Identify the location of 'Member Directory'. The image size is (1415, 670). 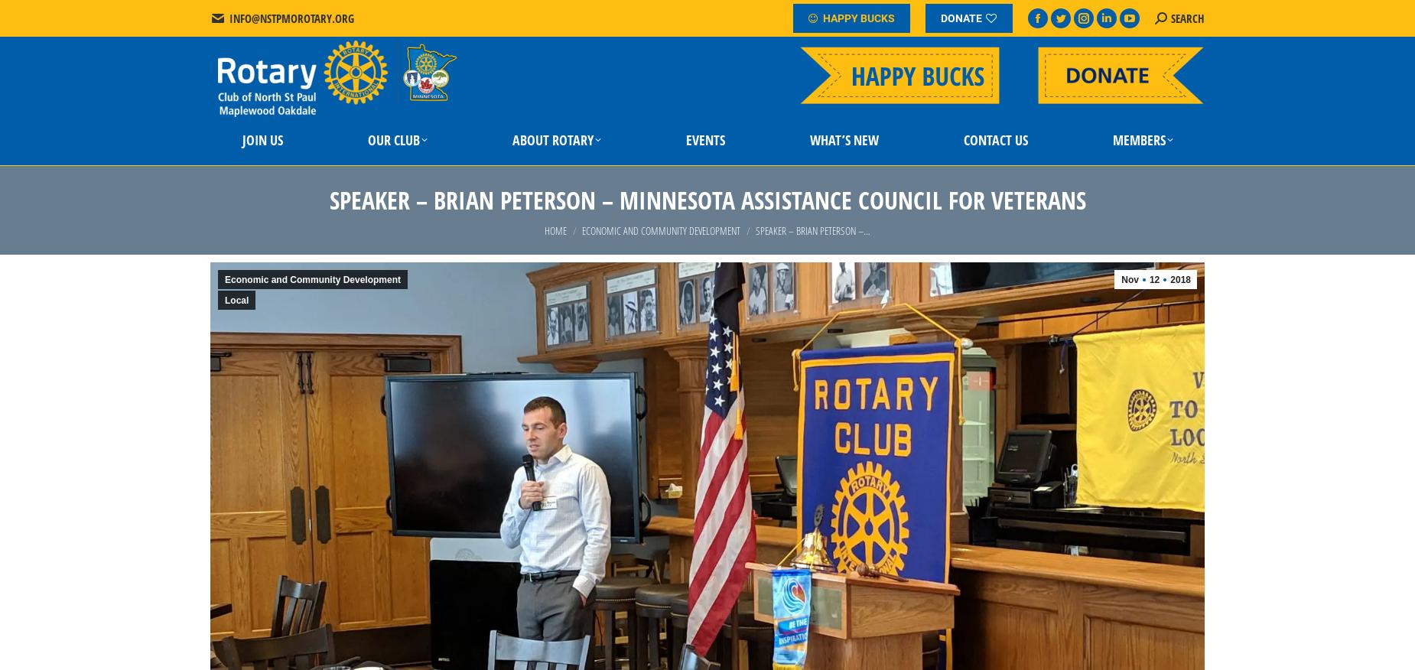
(1085, 188).